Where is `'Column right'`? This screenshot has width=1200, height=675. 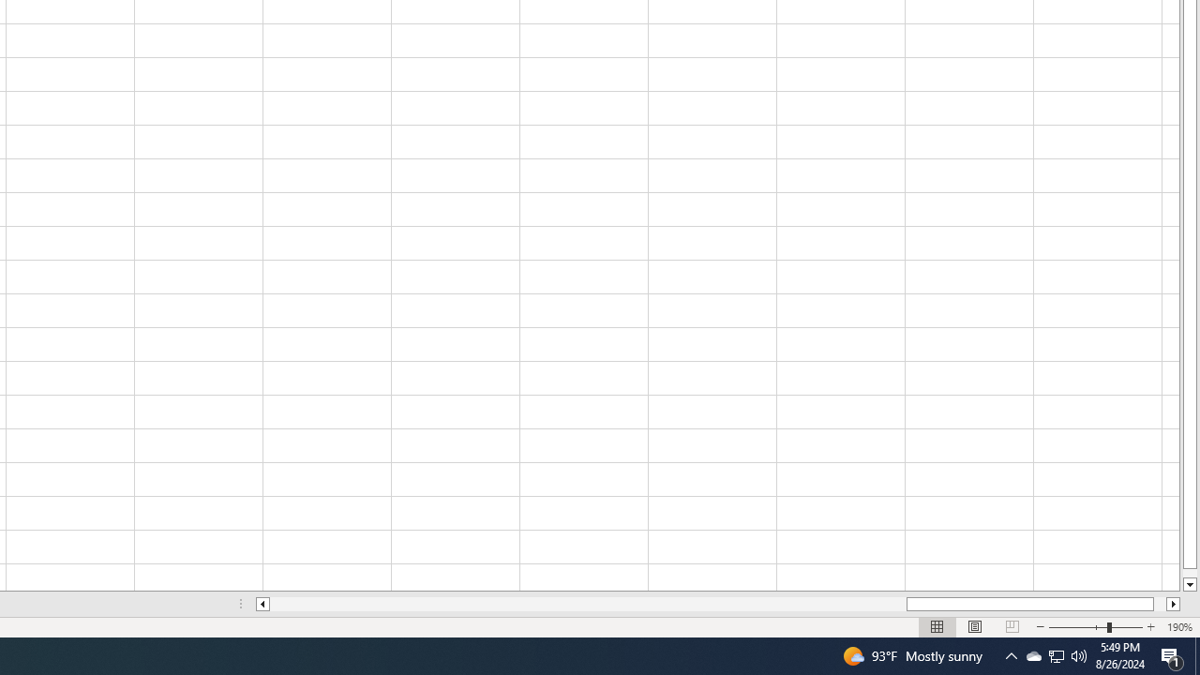 'Column right' is located at coordinates (1173, 604).